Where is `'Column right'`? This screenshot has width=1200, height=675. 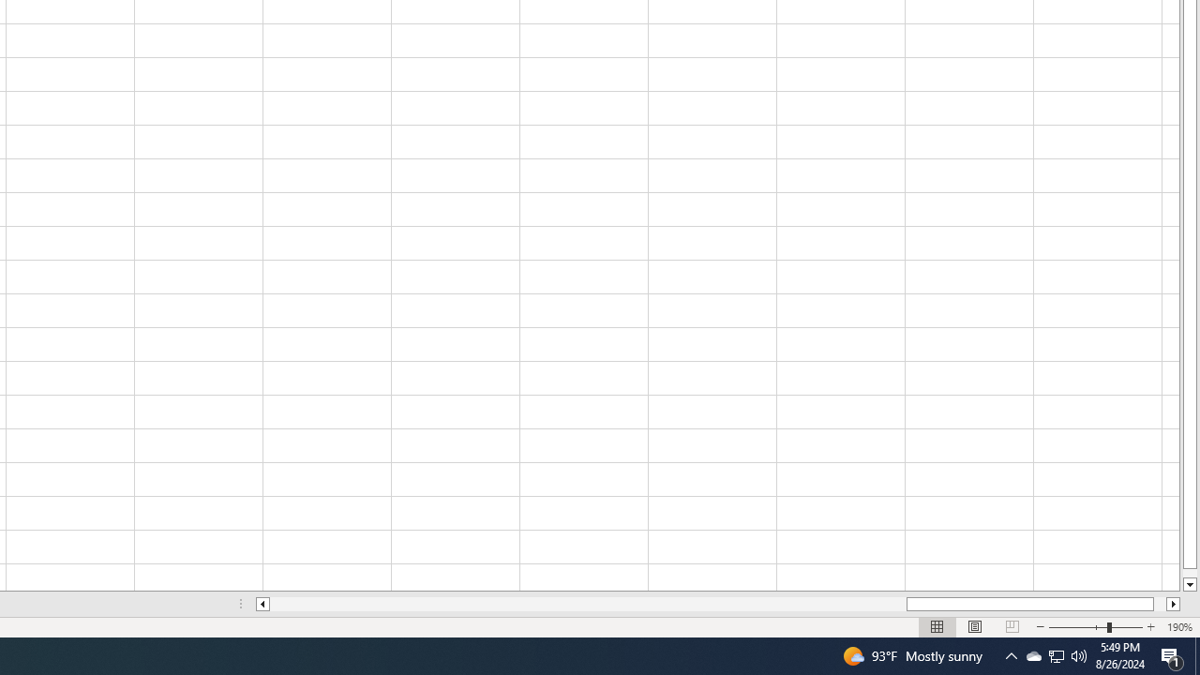 'Column right' is located at coordinates (1173, 604).